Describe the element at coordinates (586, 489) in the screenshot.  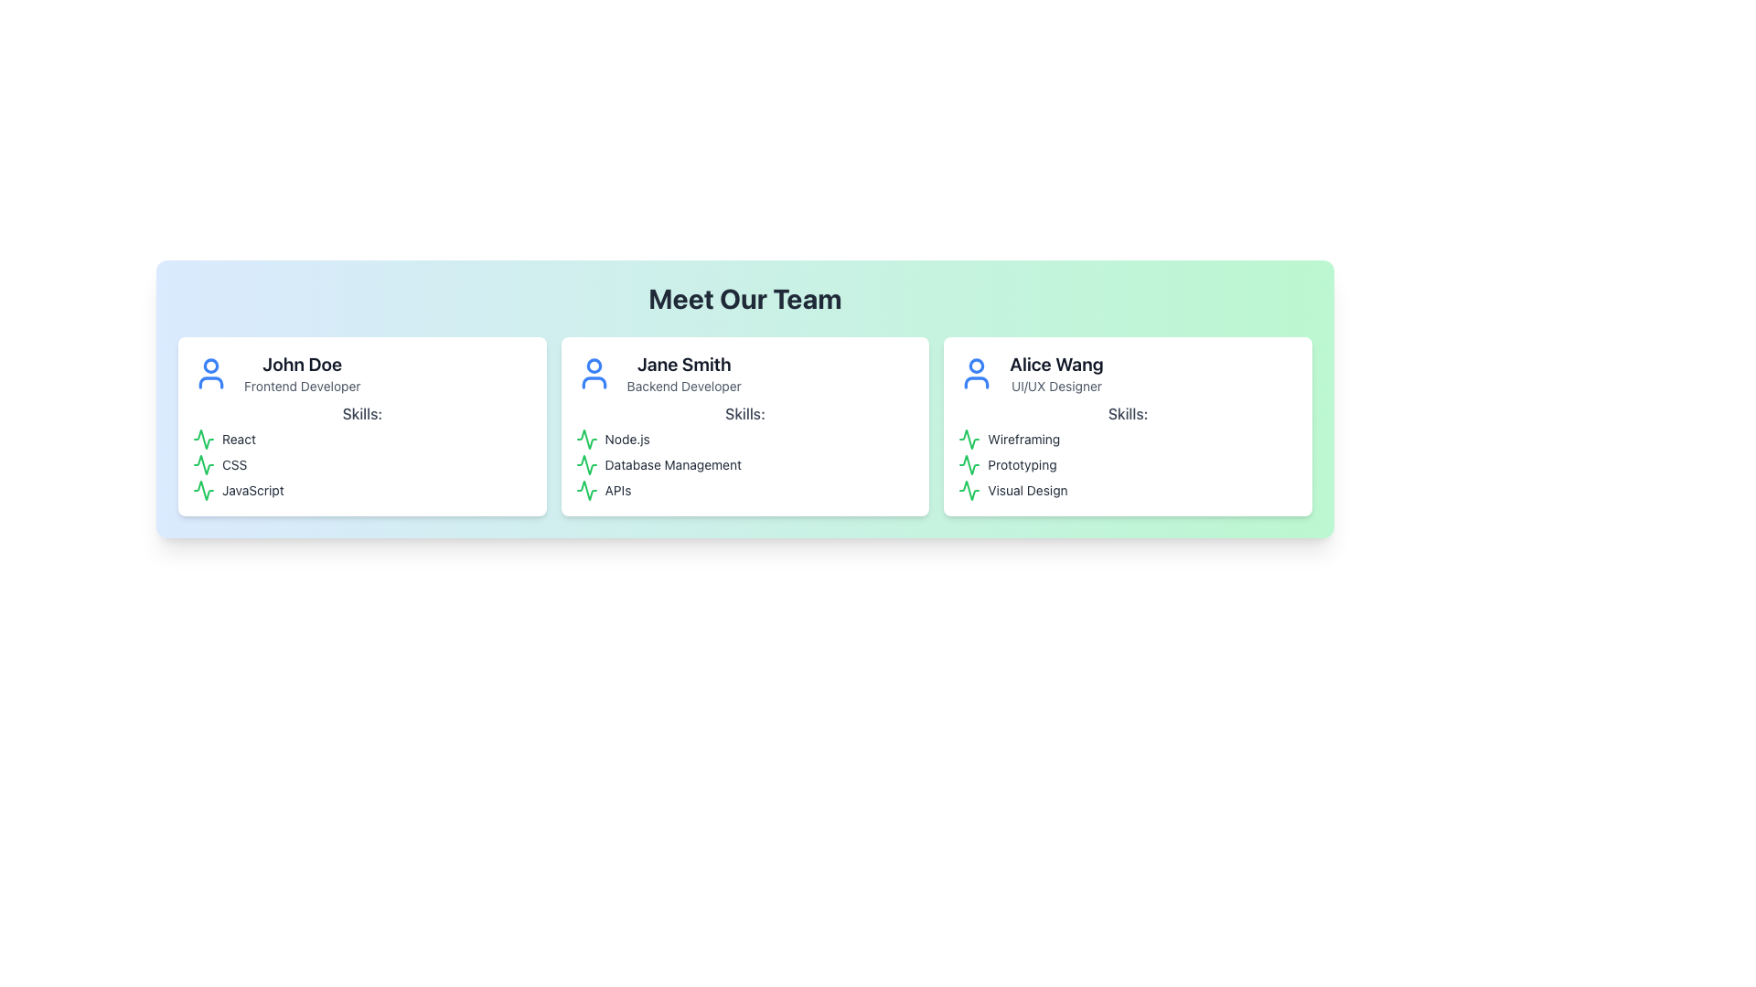
I see `the green waveform icon located to the left of the 'APIs' text in the skills section of Jane Smith's profile` at that location.